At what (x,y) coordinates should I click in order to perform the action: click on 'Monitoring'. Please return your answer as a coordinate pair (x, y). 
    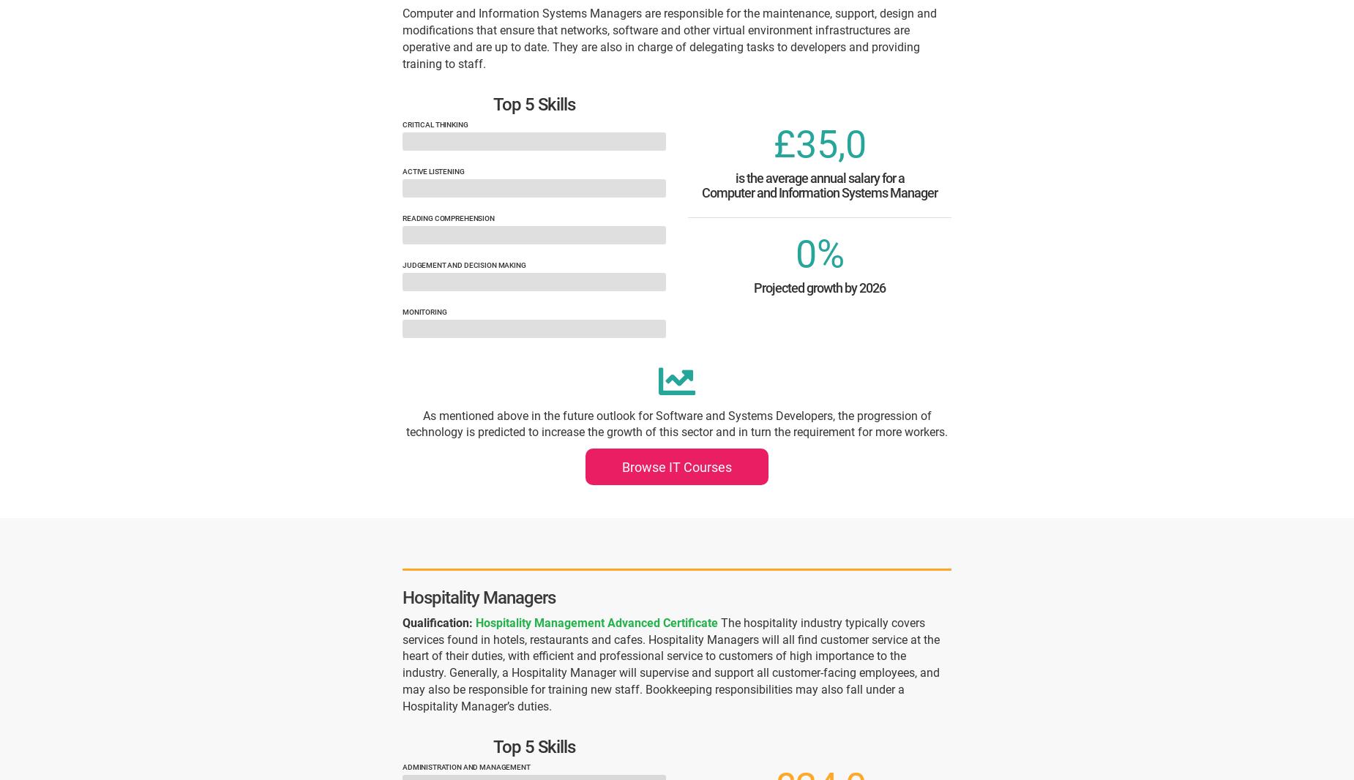
    Looking at the image, I should click on (424, 312).